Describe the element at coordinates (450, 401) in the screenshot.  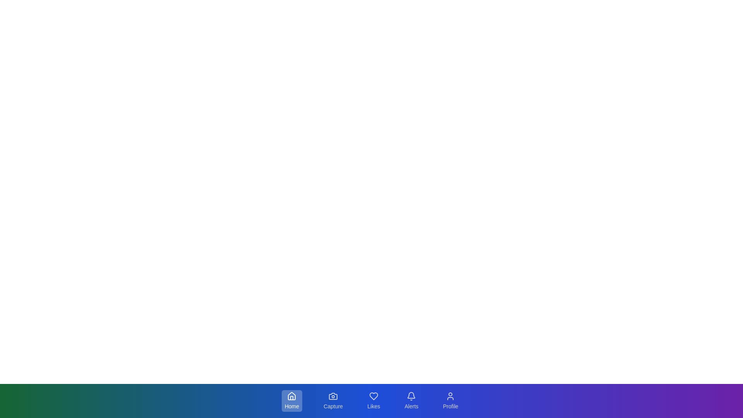
I see `the button labeled Profile to observe the visual feedback` at that location.